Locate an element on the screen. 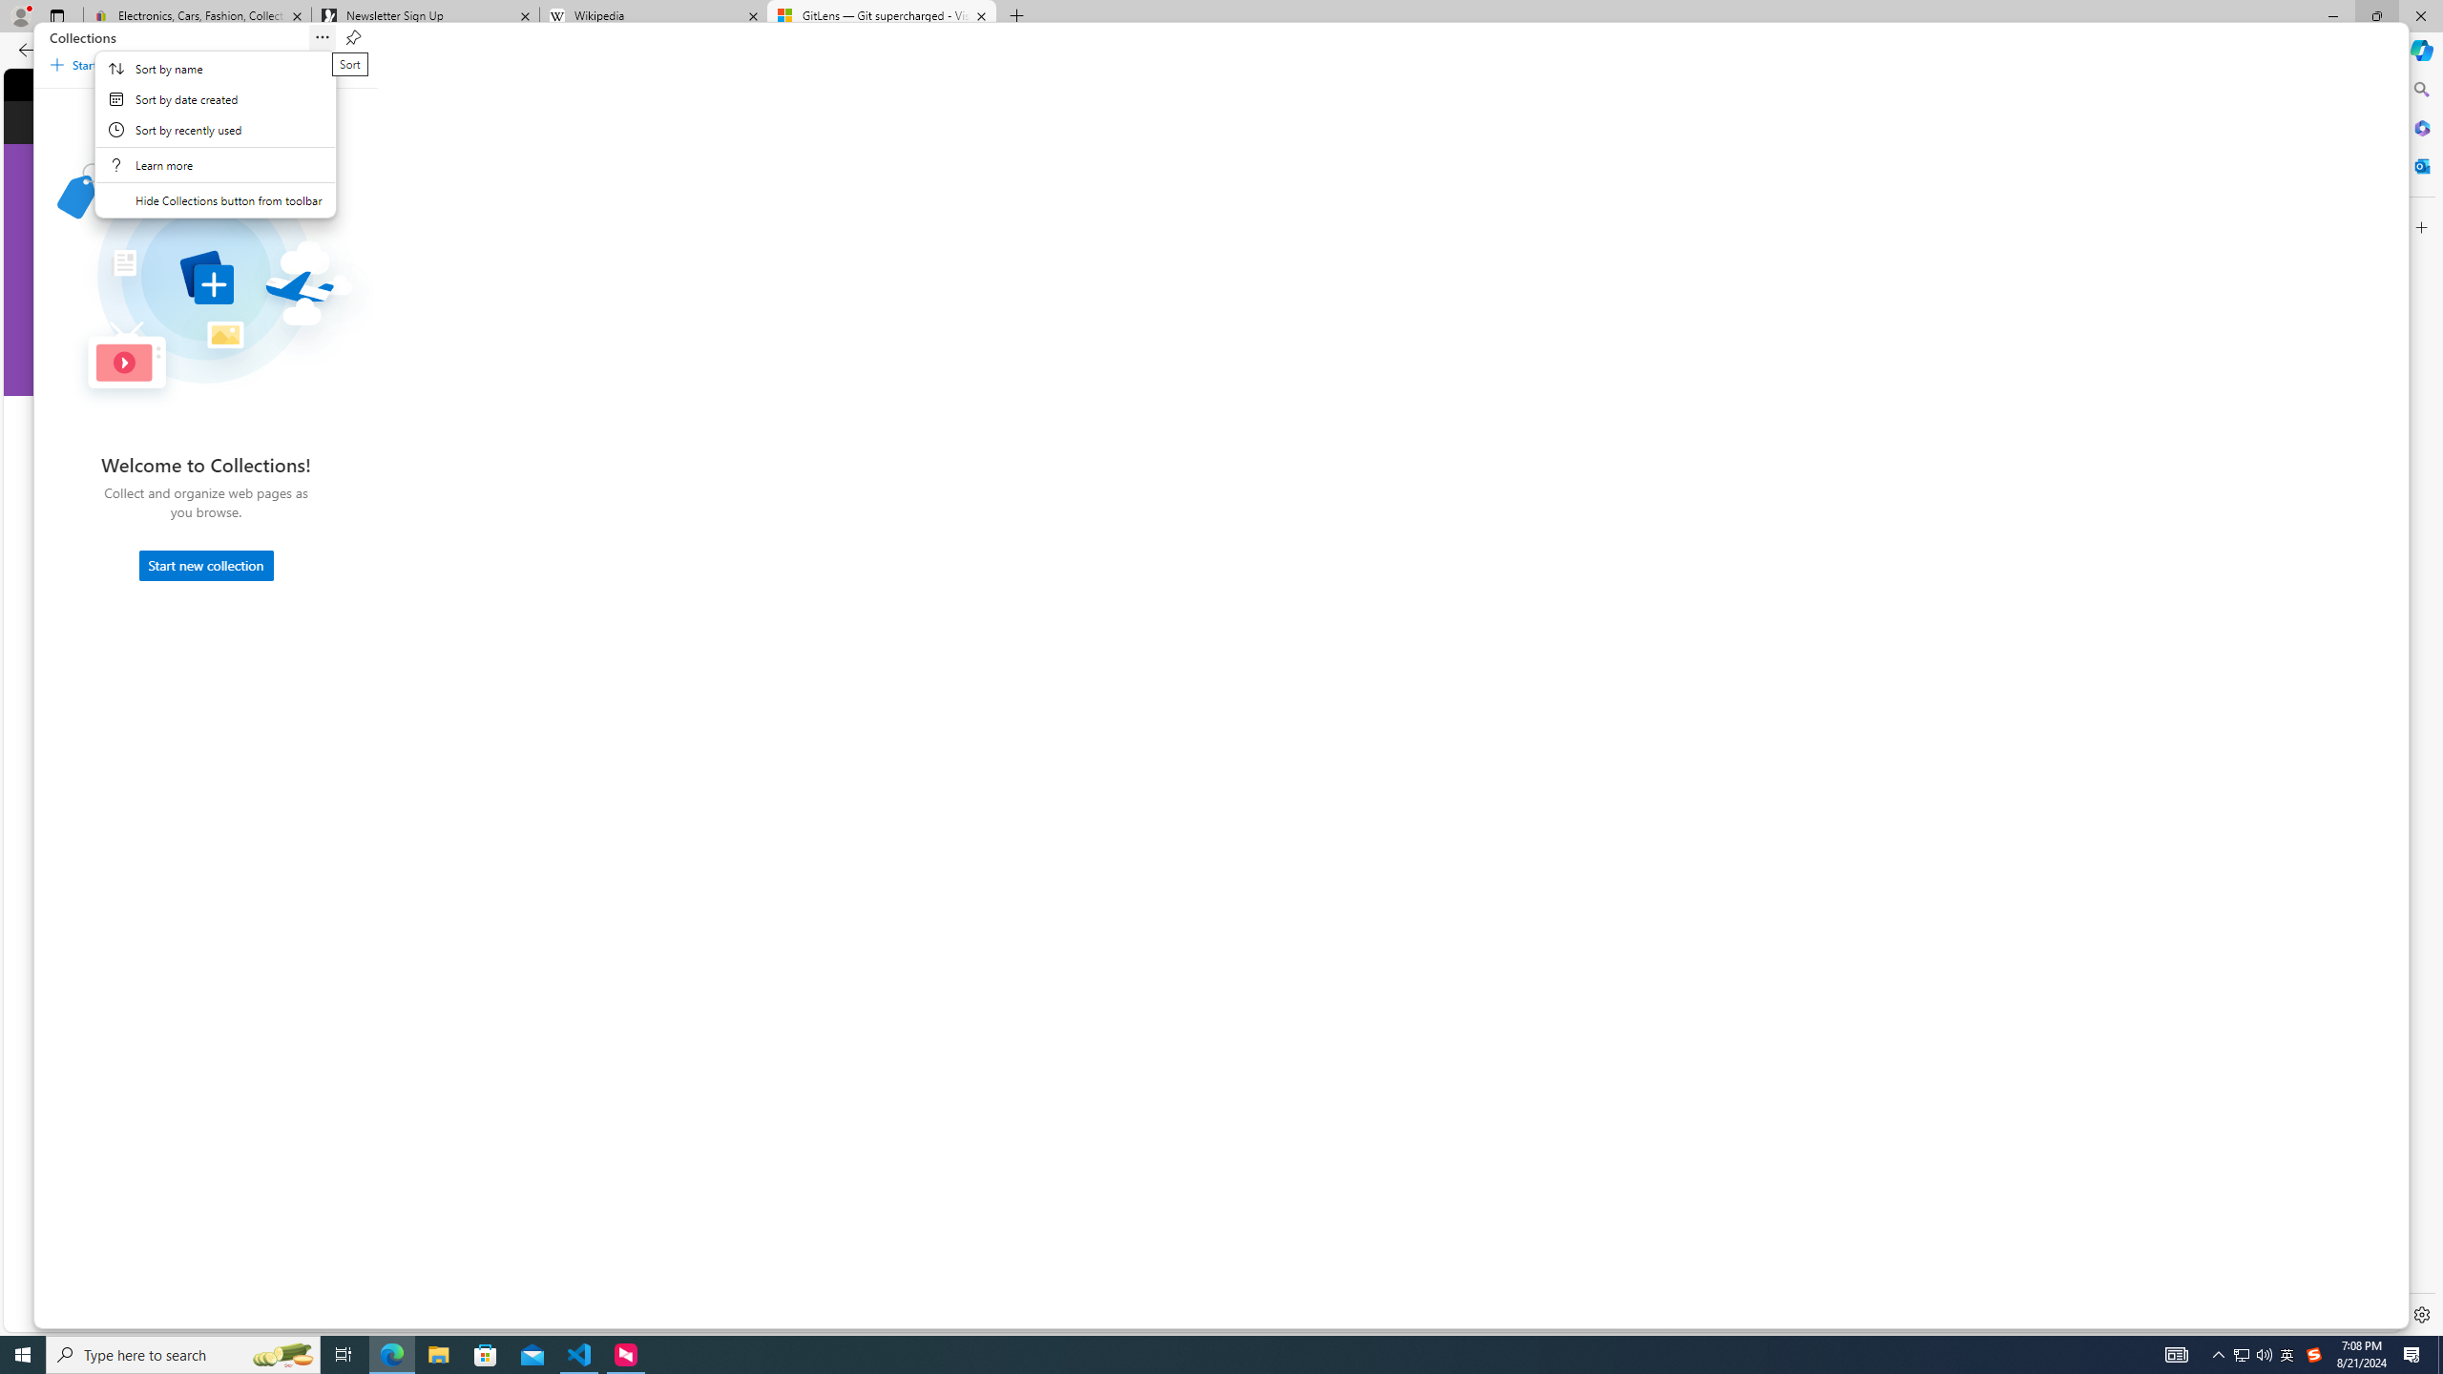 Image resolution: width=2443 pixels, height=1374 pixels. 'Sort' is located at coordinates (323, 37).